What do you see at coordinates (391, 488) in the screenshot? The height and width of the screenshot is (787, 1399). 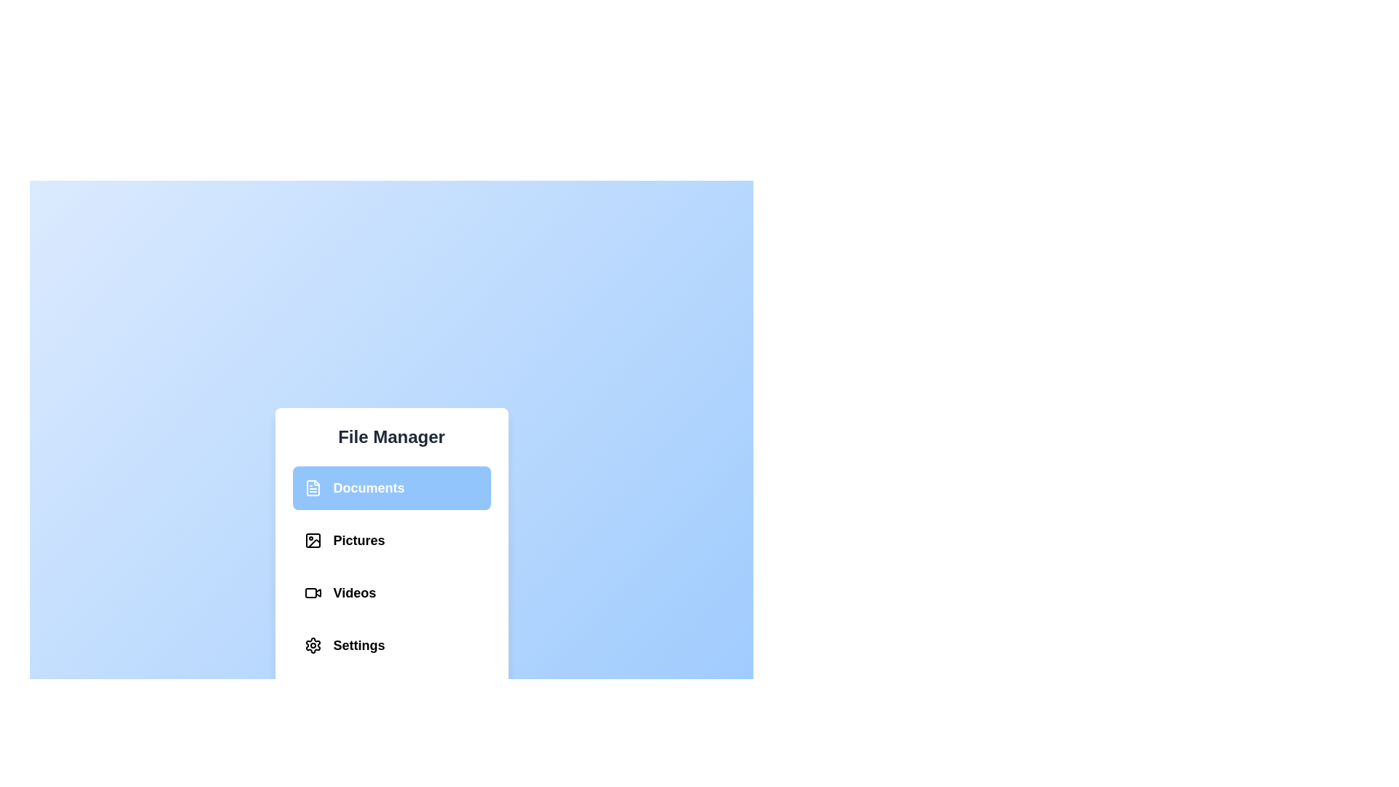 I see `the section Documents from the list` at bounding box center [391, 488].